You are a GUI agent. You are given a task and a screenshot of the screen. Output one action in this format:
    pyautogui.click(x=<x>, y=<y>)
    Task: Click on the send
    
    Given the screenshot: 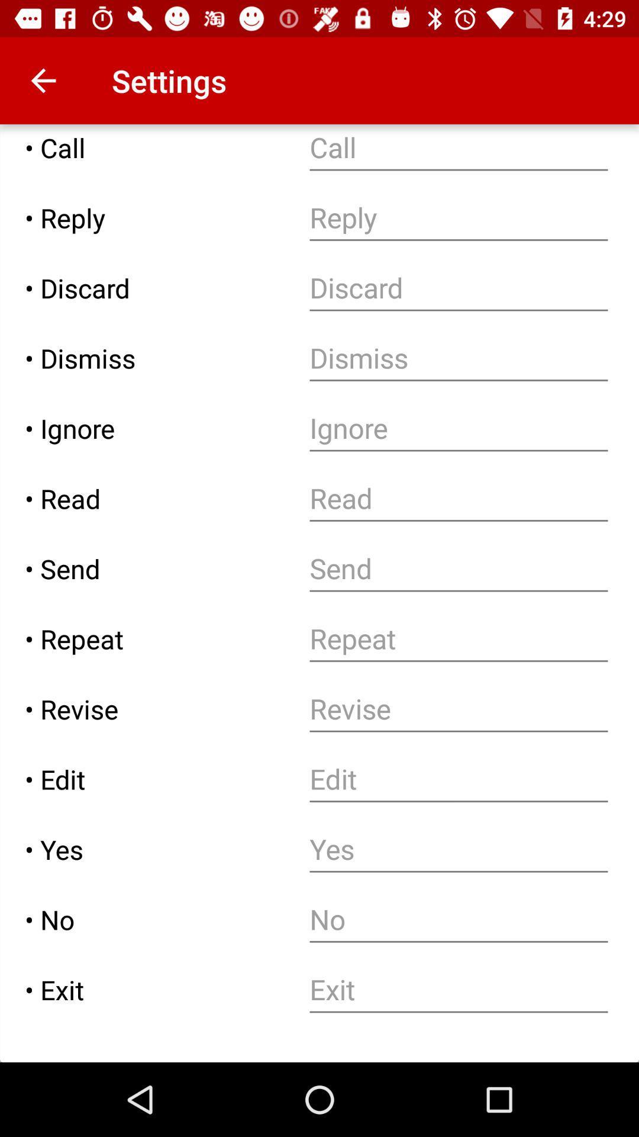 What is the action you would take?
    pyautogui.click(x=458, y=568)
    